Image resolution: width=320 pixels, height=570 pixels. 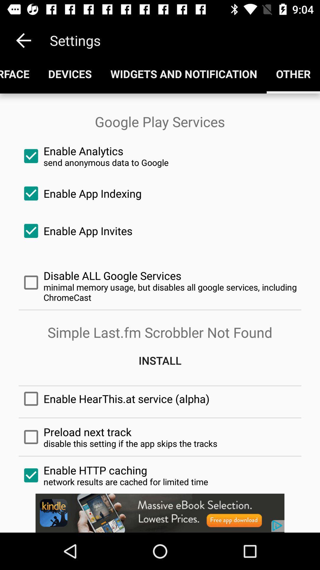 I want to click on select2 lines text which is above enable http caching on the page, so click(x=160, y=437).